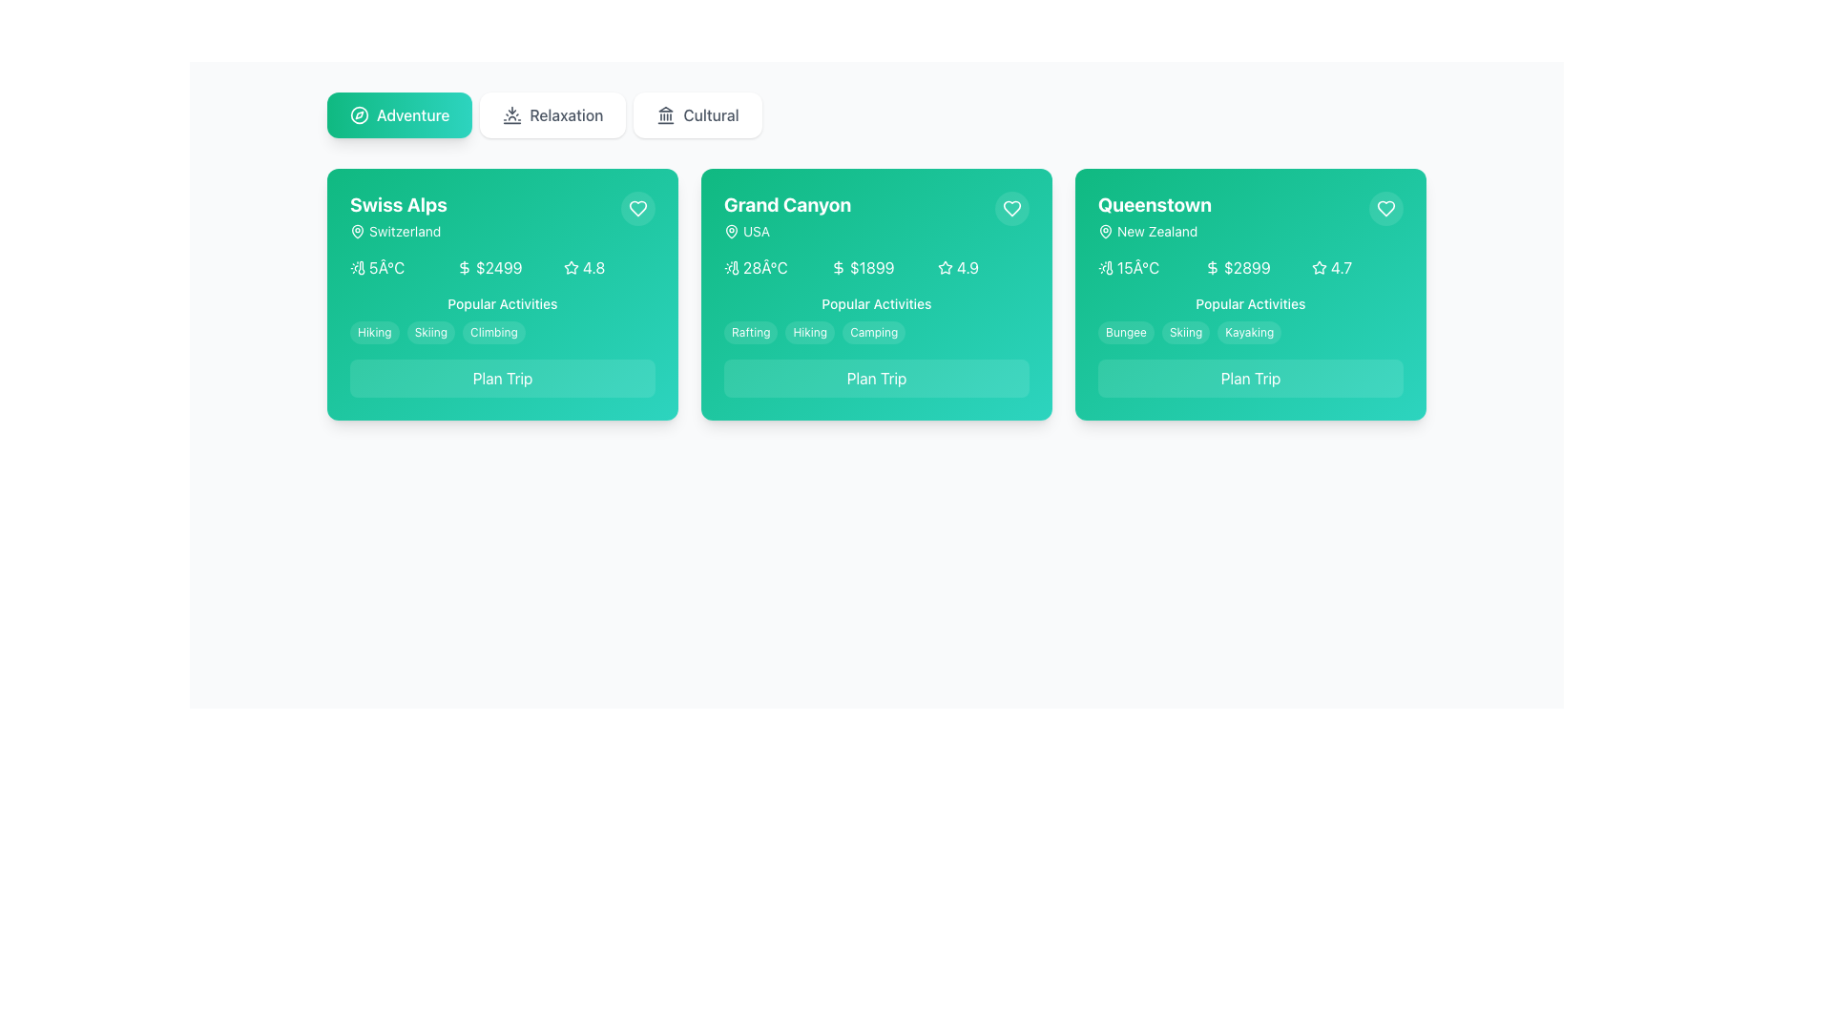 The image size is (1832, 1030). What do you see at coordinates (697, 114) in the screenshot?
I see `the 'Cultural' button, which is the third button in a horizontal list, featuring gray text and an icon resembling a landmark on its left` at bounding box center [697, 114].